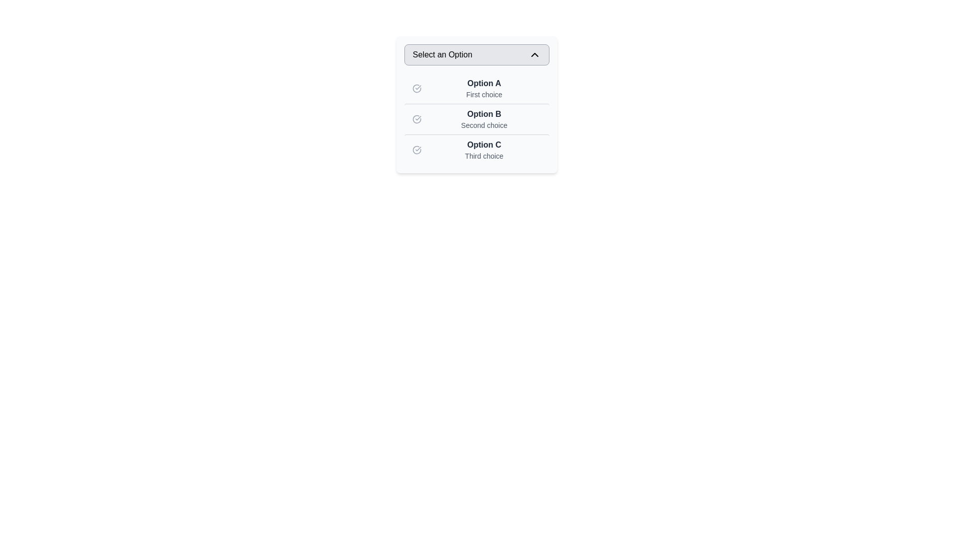  I want to click on the selectable item 'Option B' in the dropdown menu, so click(476, 118).